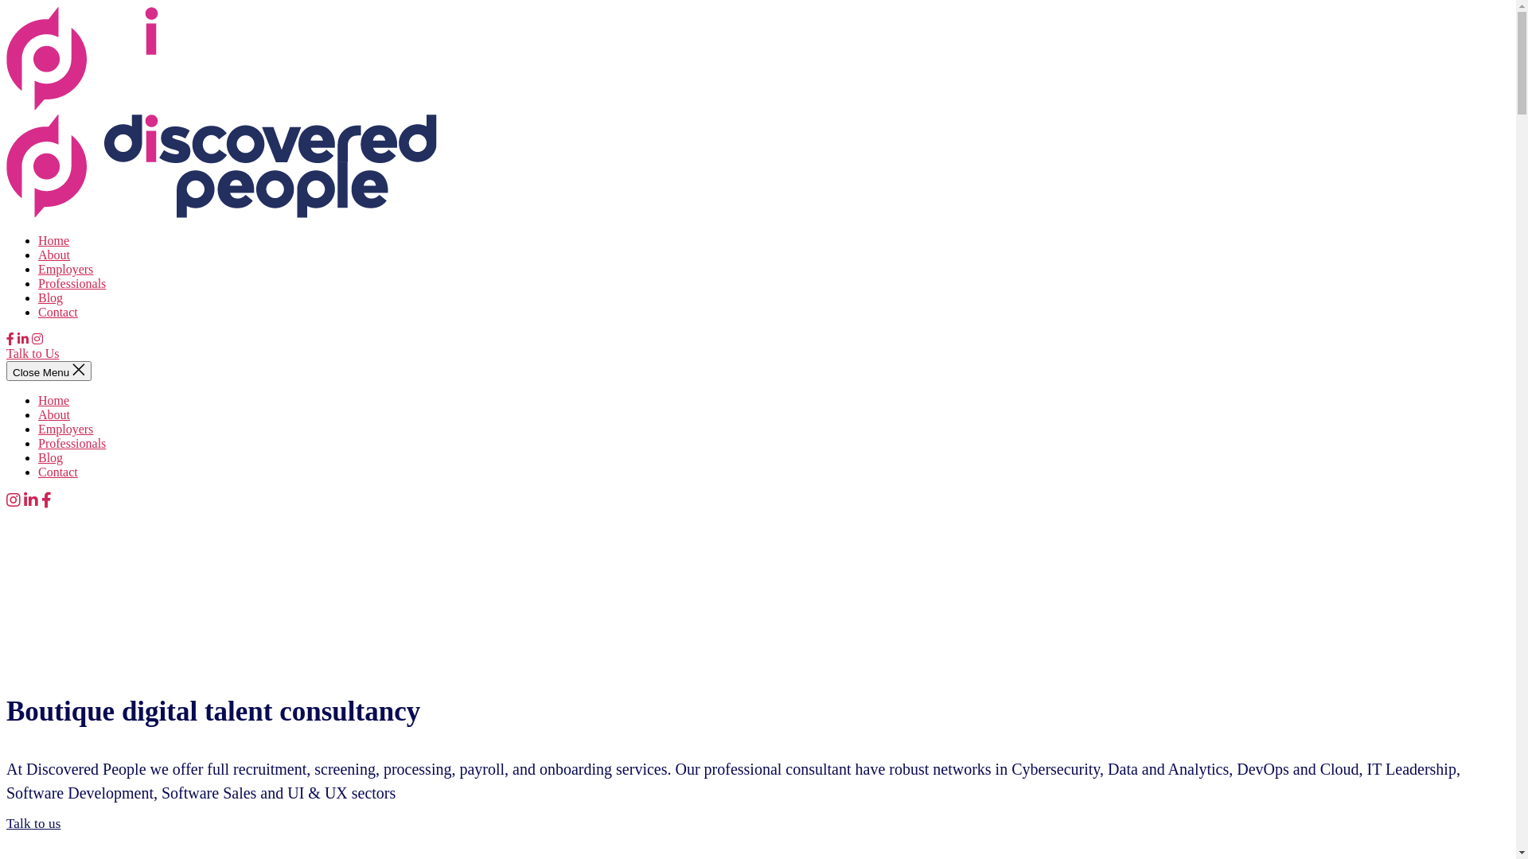  Describe the element at coordinates (33, 352) in the screenshot. I see `'Talk to Us'` at that location.